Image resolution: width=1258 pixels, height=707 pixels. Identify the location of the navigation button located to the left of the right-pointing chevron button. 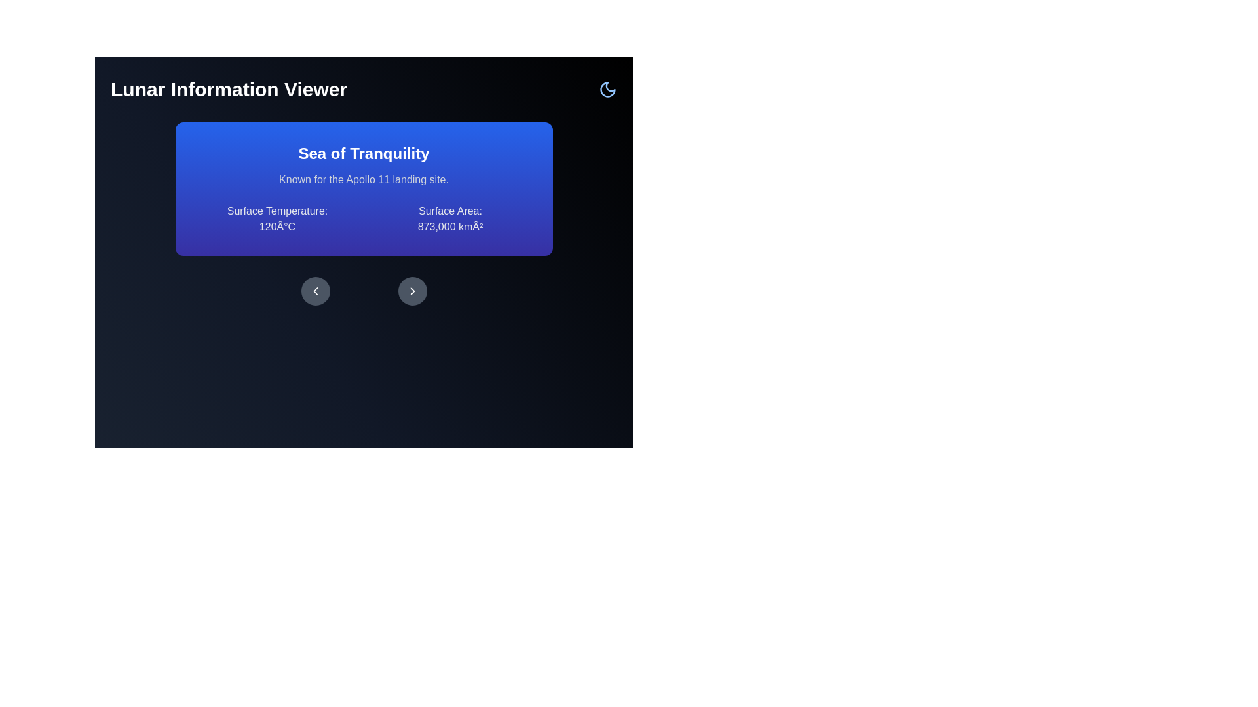
(315, 290).